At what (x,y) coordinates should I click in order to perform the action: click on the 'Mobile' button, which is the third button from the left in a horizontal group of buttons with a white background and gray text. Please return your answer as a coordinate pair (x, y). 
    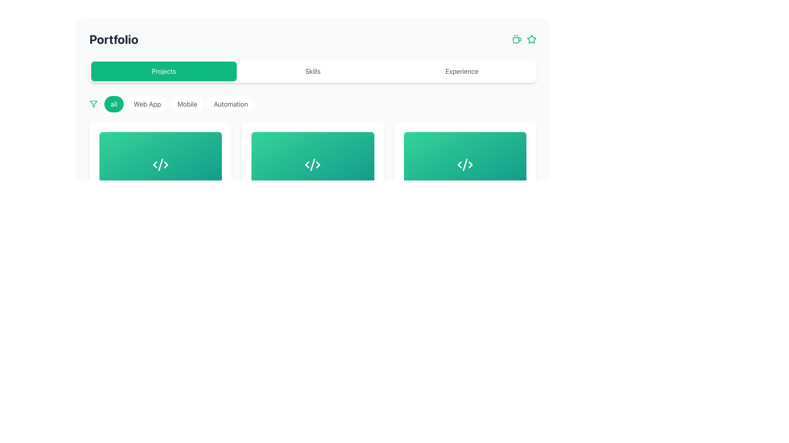
    Looking at the image, I should click on (187, 104).